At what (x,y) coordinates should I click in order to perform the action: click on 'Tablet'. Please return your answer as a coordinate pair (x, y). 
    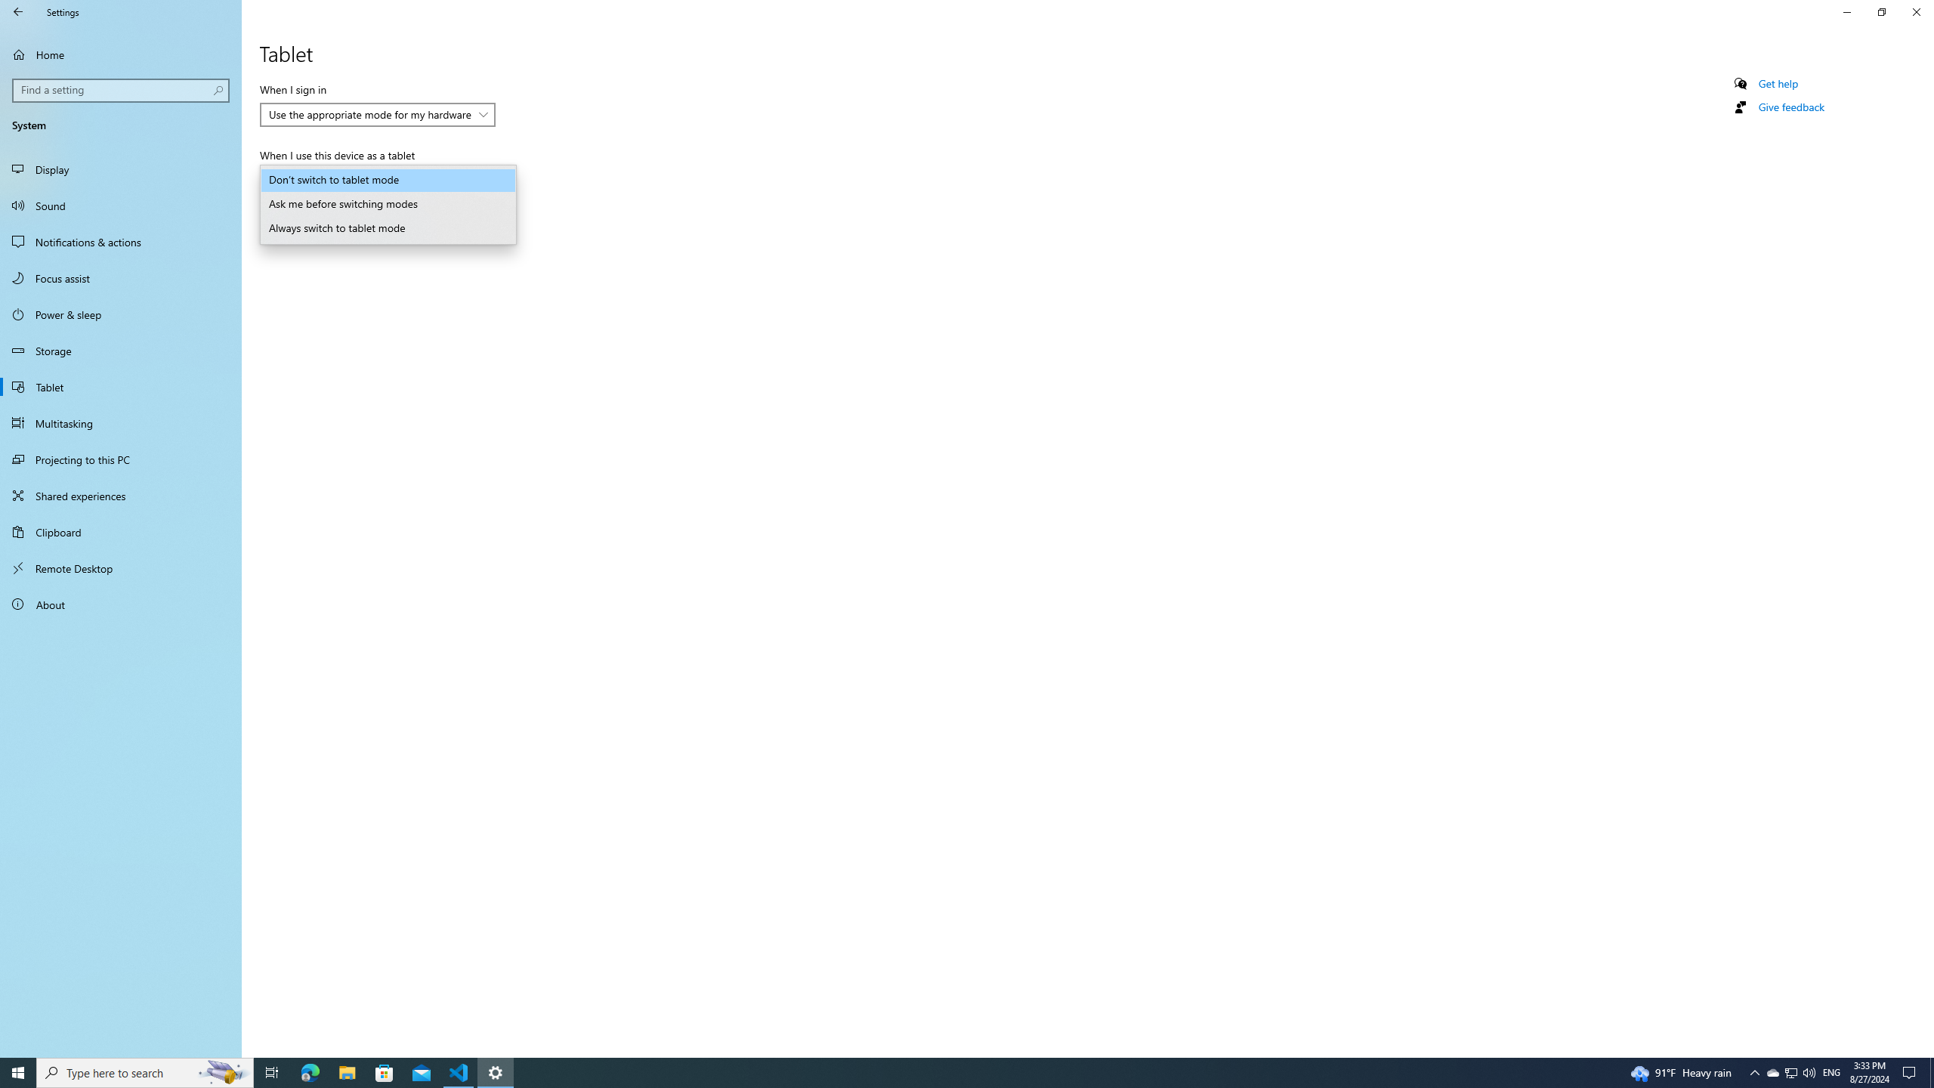
    Looking at the image, I should click on (120, 385).